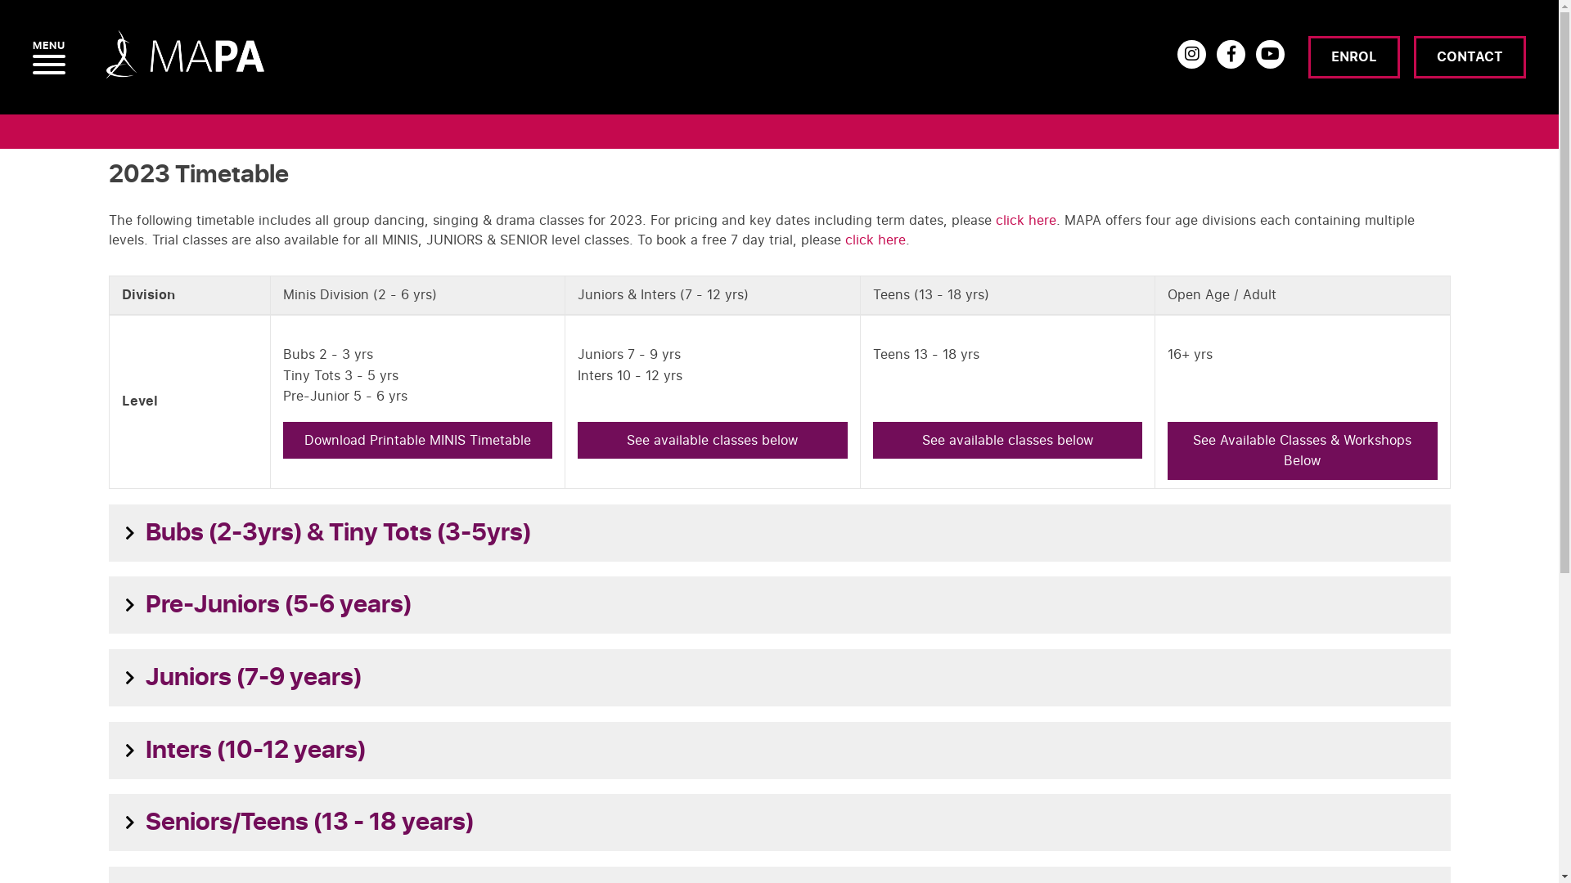 This screenshot has height=883, width=1571. What do you see at coordinates (417, 440) in the screenshot?
I see `'Download Printable MINIS Timetable'` at bounding box center [417, 440].